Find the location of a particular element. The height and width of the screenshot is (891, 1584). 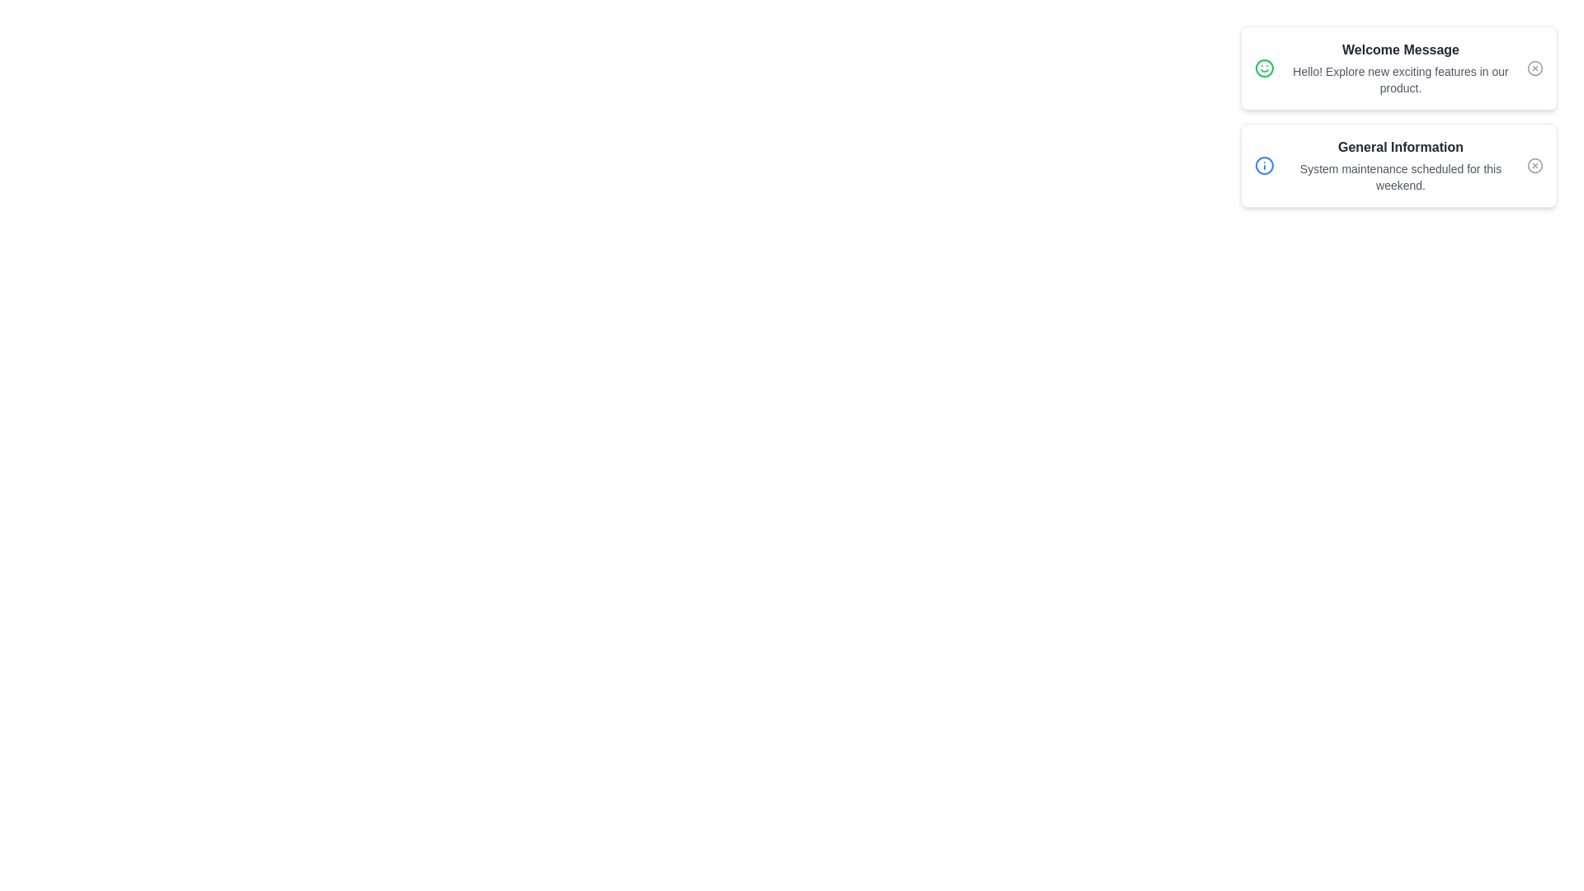

the close button of the notification identified by General Information is located at coordinates (1534, 165).